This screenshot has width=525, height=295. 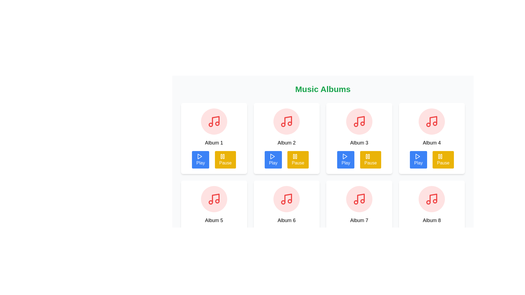 What do you see at coordinates (283, 202) in the screenshot?
I see `the left circular component of the music note icon in the 'Album 6' card, which visually enhances the album artwork but is not interactive` at bounding box center [283, 202].